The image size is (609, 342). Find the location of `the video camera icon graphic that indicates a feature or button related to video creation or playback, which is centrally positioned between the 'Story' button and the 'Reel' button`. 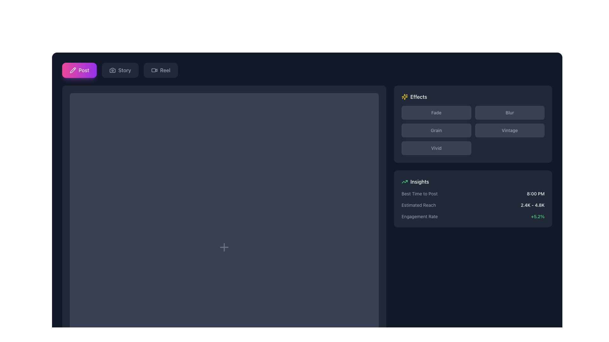

the video camera icon graphic that indicates a feature or button related to video creation or playback, which is centrally positioned between the 'Story' button and the 'Reel' button is located at coordinates (154, 70).